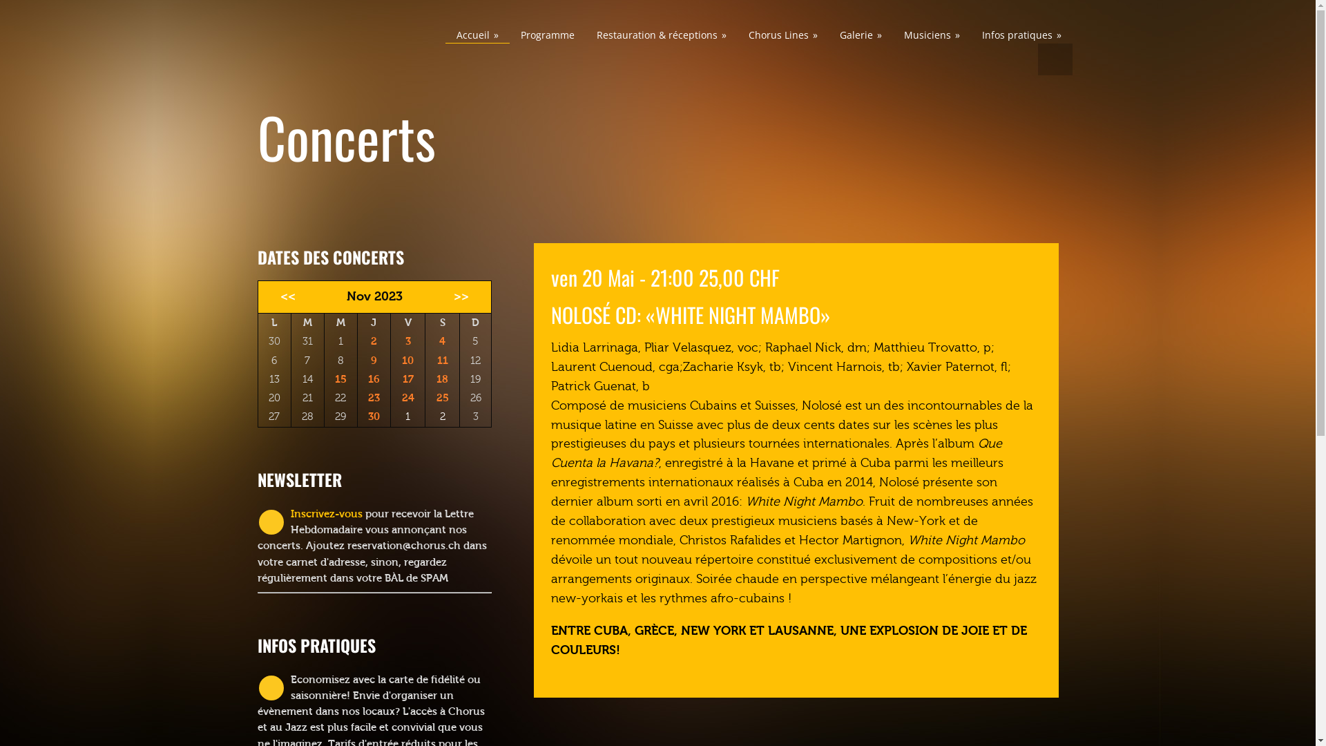 The height and width of the screenshot is (746, 1326). What do you see at coordinates (407, 359) in the screenshot?
I see `'10'` at bounding box center [407, 359].